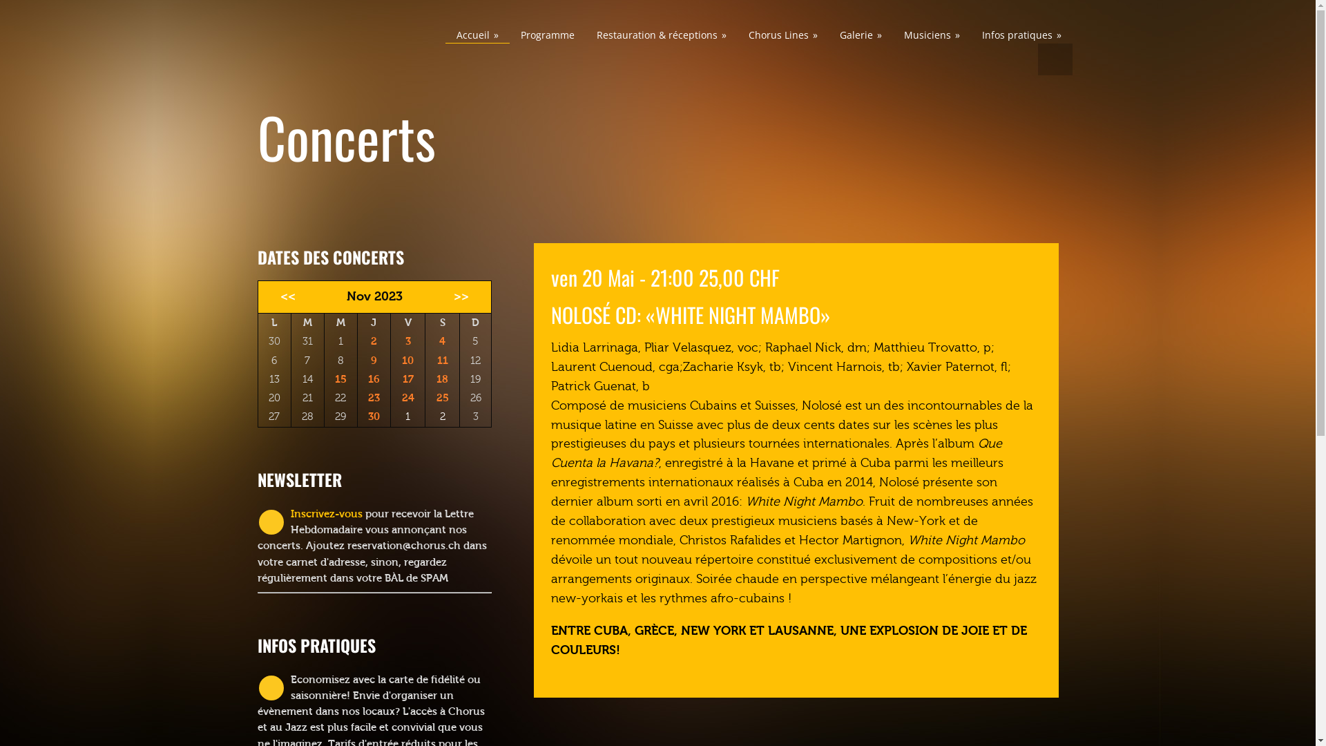 The height and width of the screenshot is (746, 1326). What do you see at coordinates (407, 359) in the screenshot?
I see `'10'` at bounding box center [407, 359].